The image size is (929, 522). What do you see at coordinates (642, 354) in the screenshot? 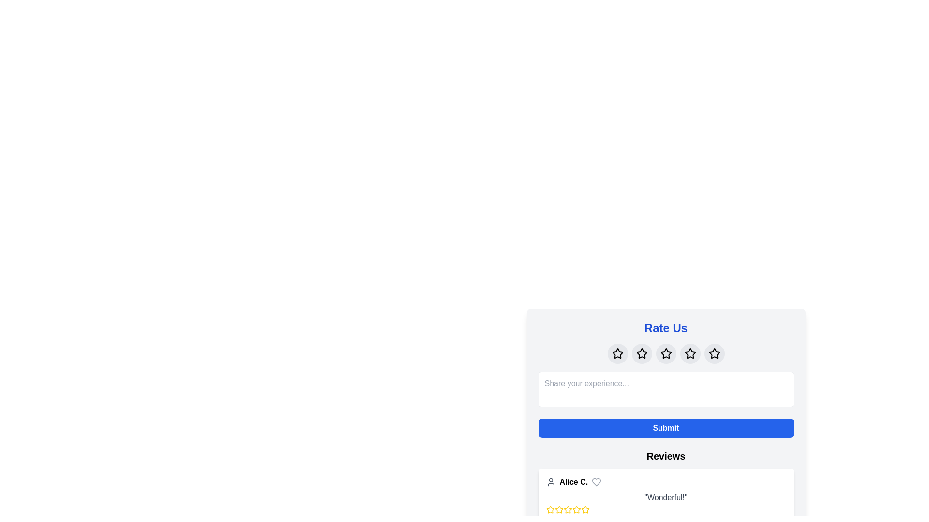
I see `the second star icon in the horizontal row of five star elements` at bounding box center [642, 354].